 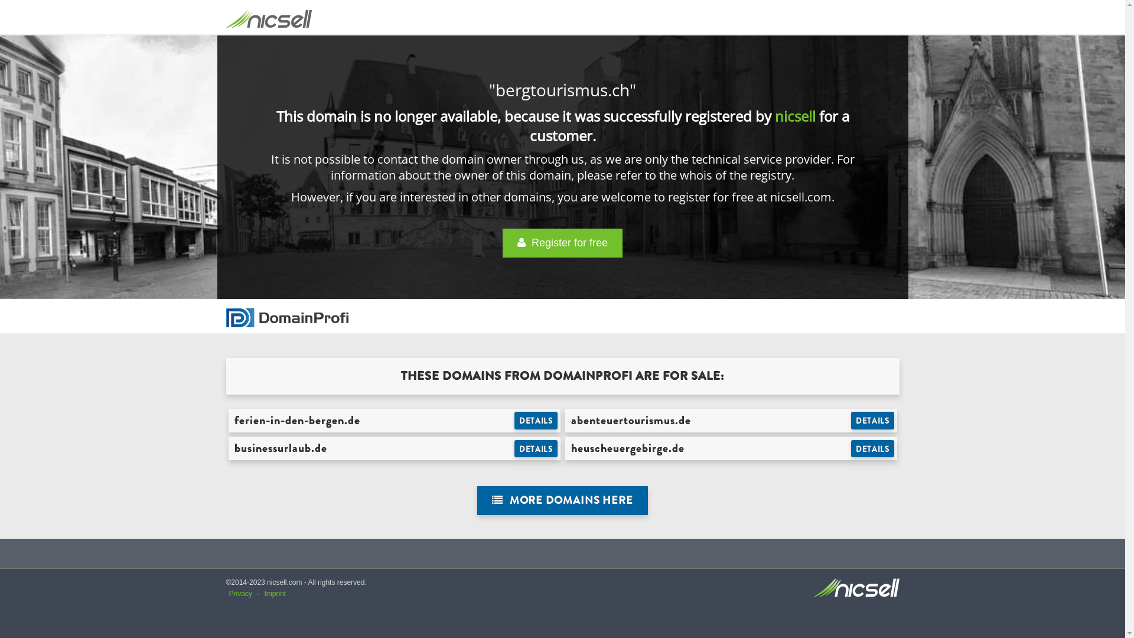 I want to click on 'DETAILS', so click(x=535, y=420).